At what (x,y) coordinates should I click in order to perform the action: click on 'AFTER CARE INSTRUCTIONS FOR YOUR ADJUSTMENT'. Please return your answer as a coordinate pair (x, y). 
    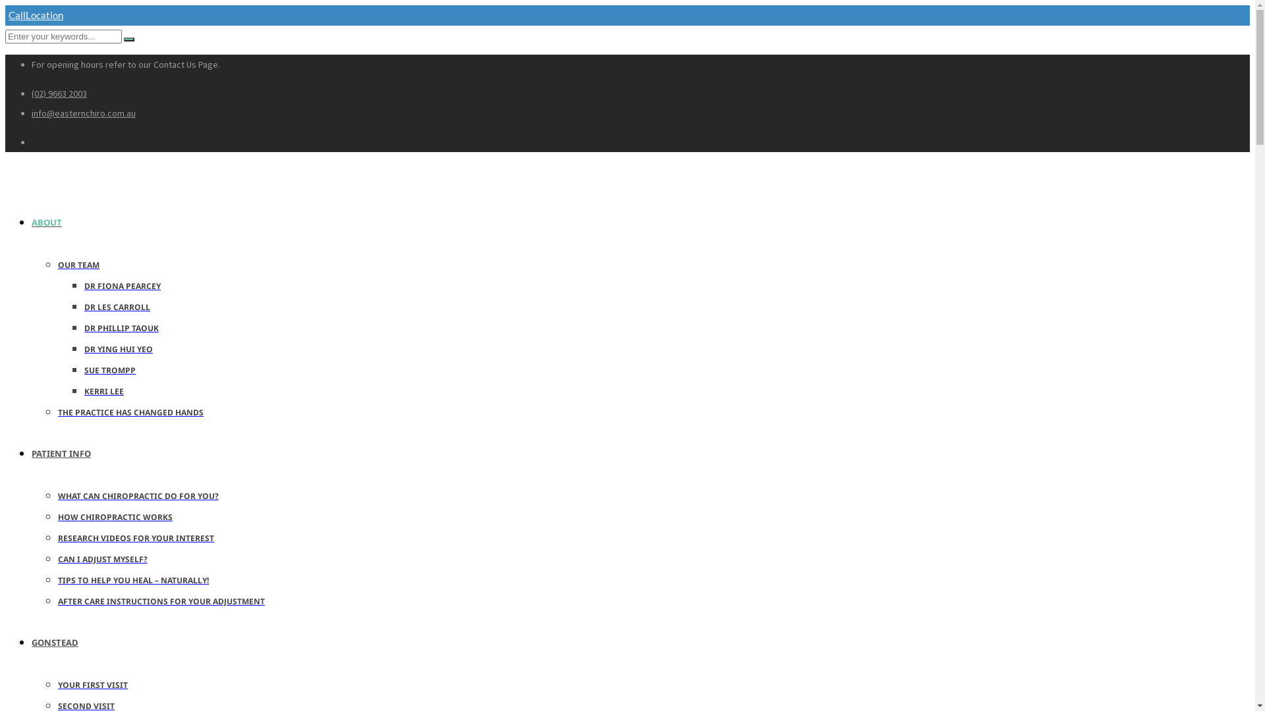
    Looking at the image, I should click on (160, 601).